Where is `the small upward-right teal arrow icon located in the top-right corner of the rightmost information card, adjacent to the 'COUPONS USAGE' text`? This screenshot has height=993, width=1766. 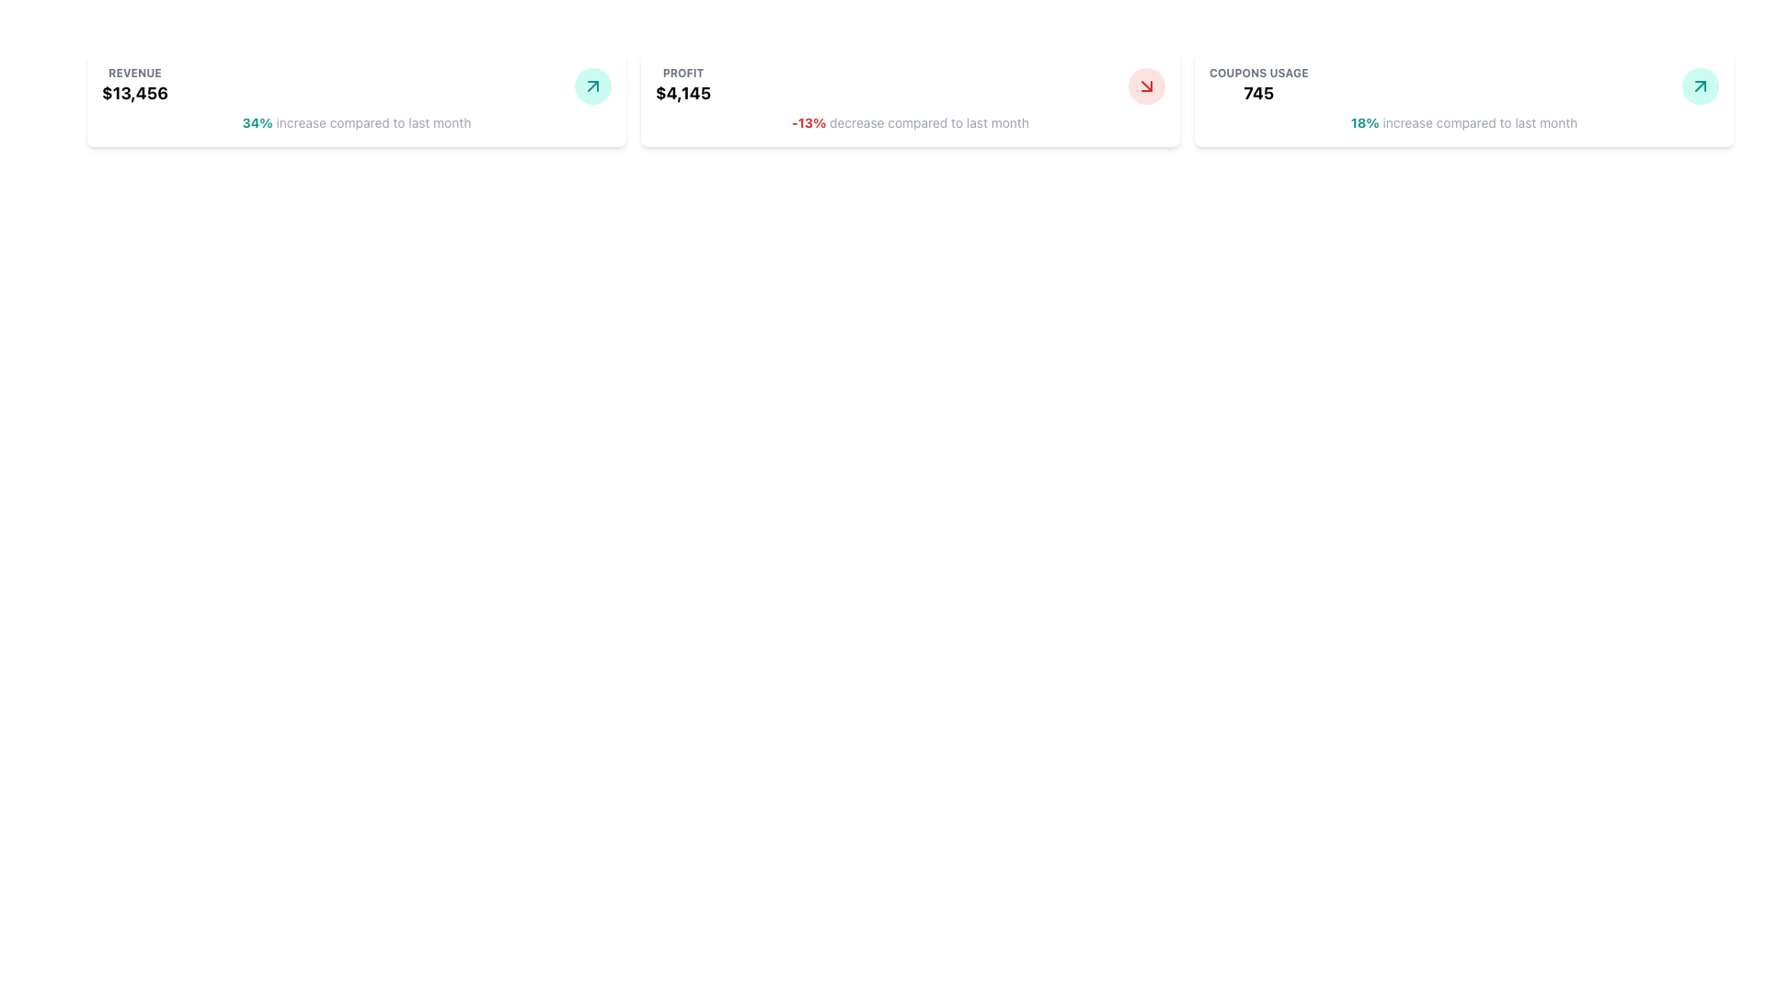
the small upward-right teal arrow icon located in the top-right corner of the rightmost information card, adjacent to the 'COUPONS USAGE' text is located at coordinates (1699, 86).